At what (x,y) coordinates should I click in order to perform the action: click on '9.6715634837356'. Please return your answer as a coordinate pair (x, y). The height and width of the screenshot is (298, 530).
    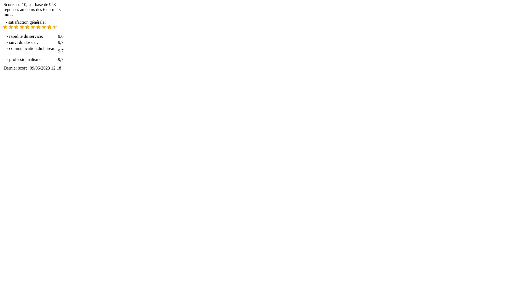
    Looking at the image, I should click on (5, 27).